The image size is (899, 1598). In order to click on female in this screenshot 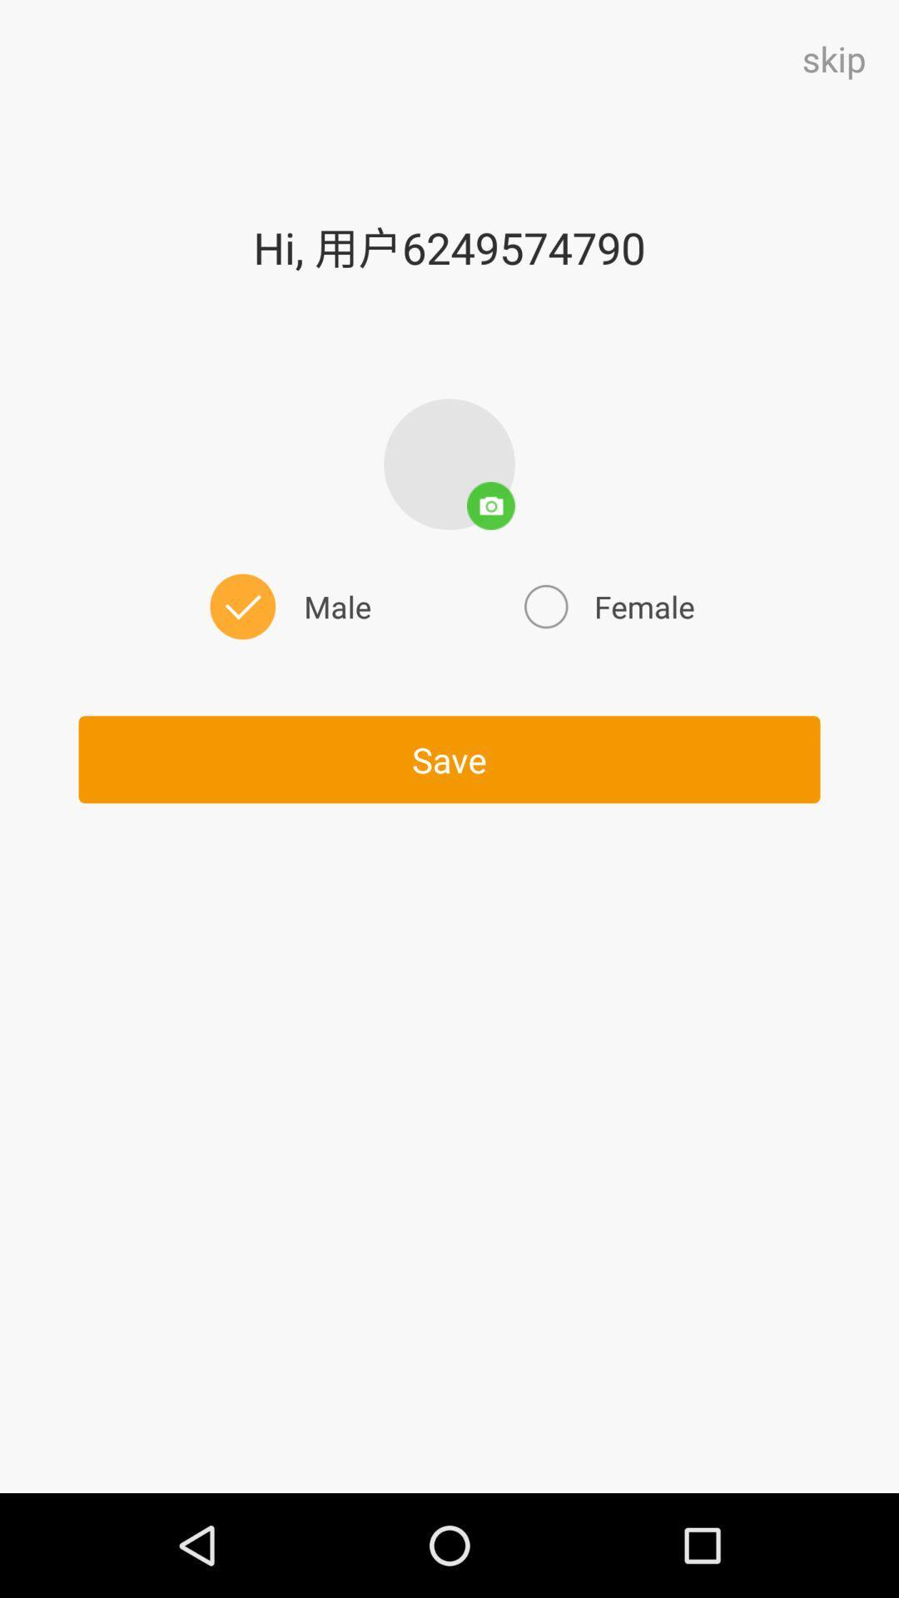, I will do `click(607, 606)`.